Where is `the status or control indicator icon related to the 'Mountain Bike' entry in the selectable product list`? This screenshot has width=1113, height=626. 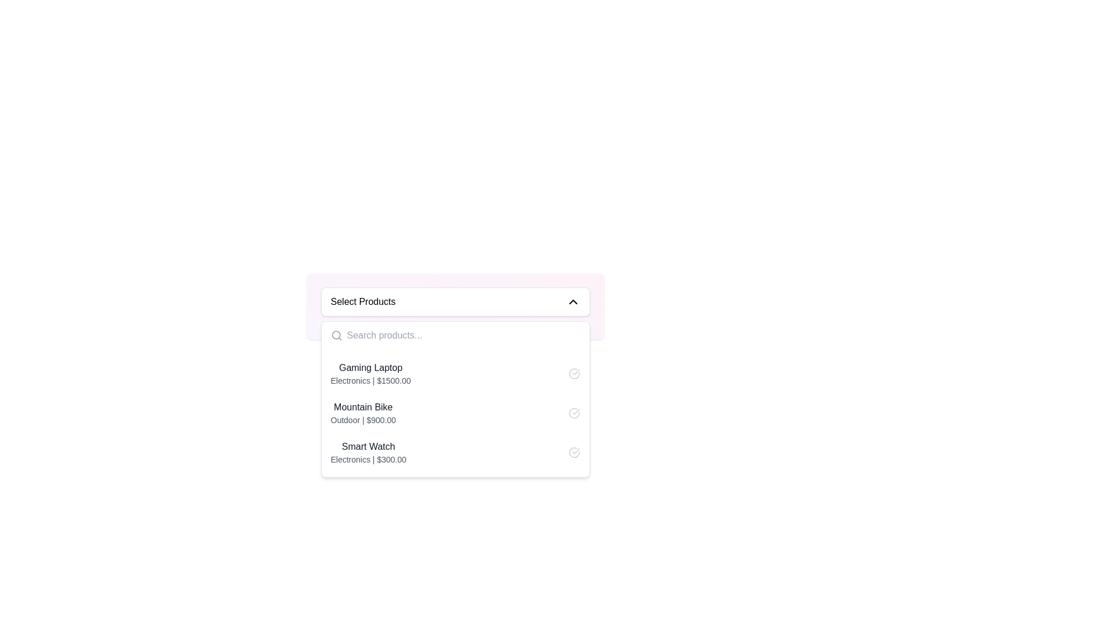 the status or control indicator icon related to the 'Mountain Bike' entry in the selectable product list is located at coordinates (574, 413).